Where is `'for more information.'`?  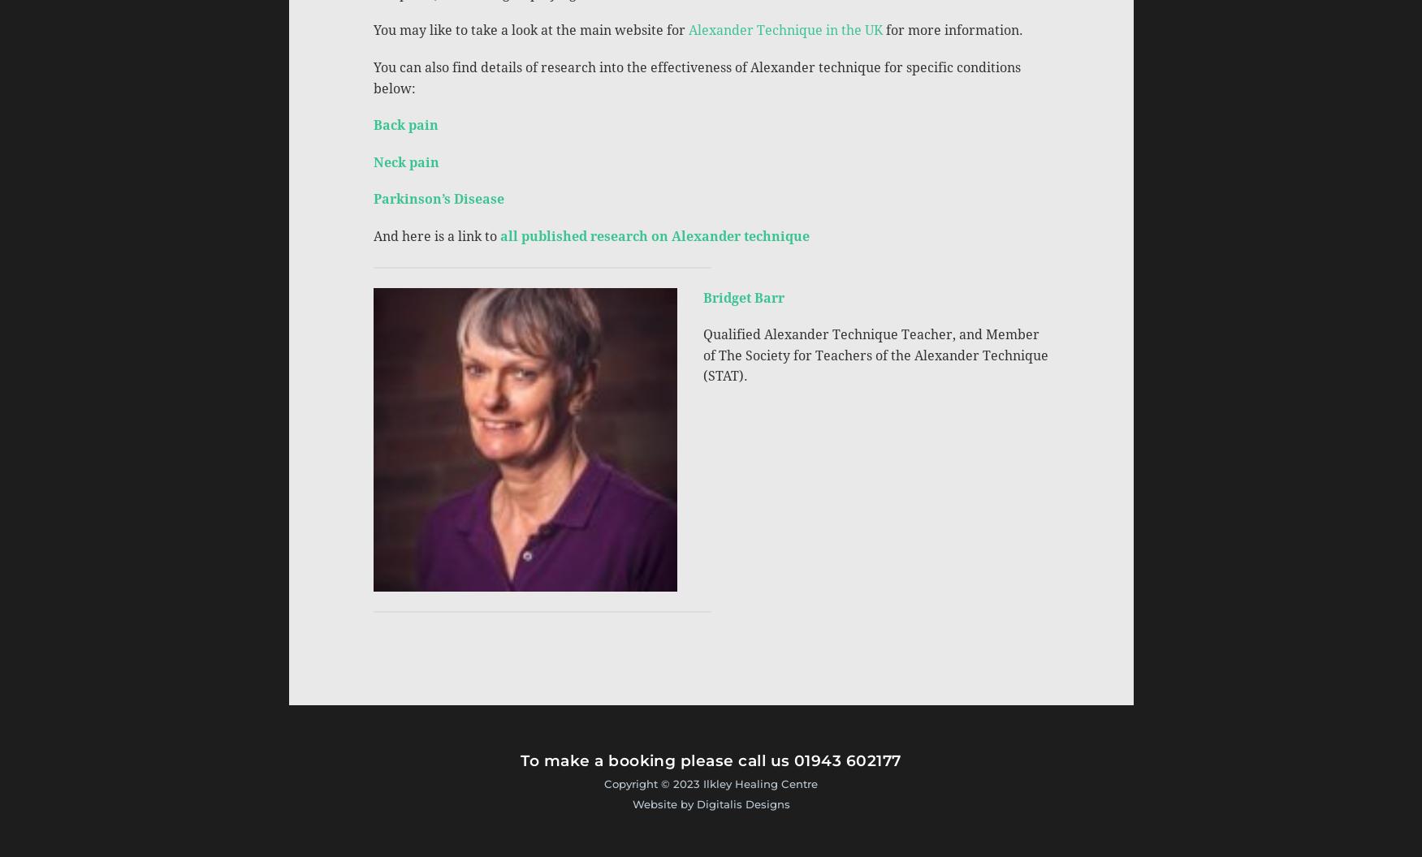 'for more information.' is located at coordinates (951, 30).